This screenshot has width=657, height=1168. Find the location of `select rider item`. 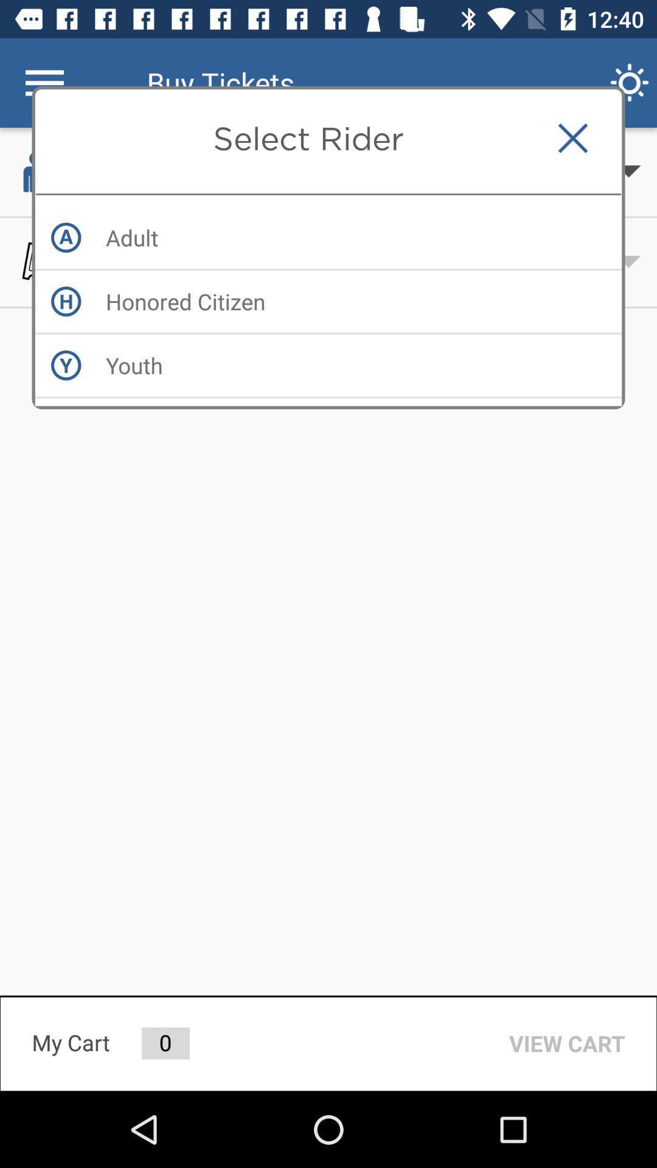

select rider item is located at coordinates (307, 138).